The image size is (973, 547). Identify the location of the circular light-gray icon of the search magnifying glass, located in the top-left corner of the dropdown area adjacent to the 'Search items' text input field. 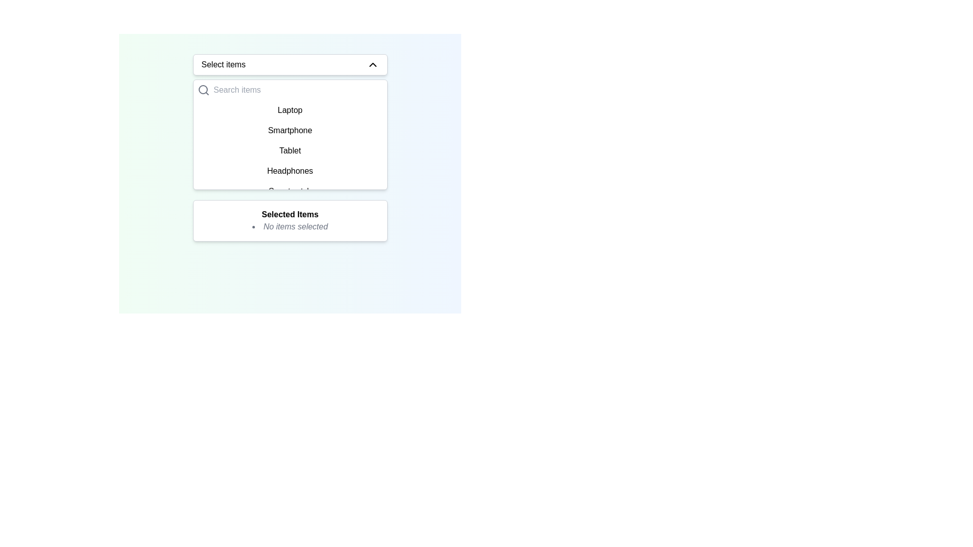
(203, 89).